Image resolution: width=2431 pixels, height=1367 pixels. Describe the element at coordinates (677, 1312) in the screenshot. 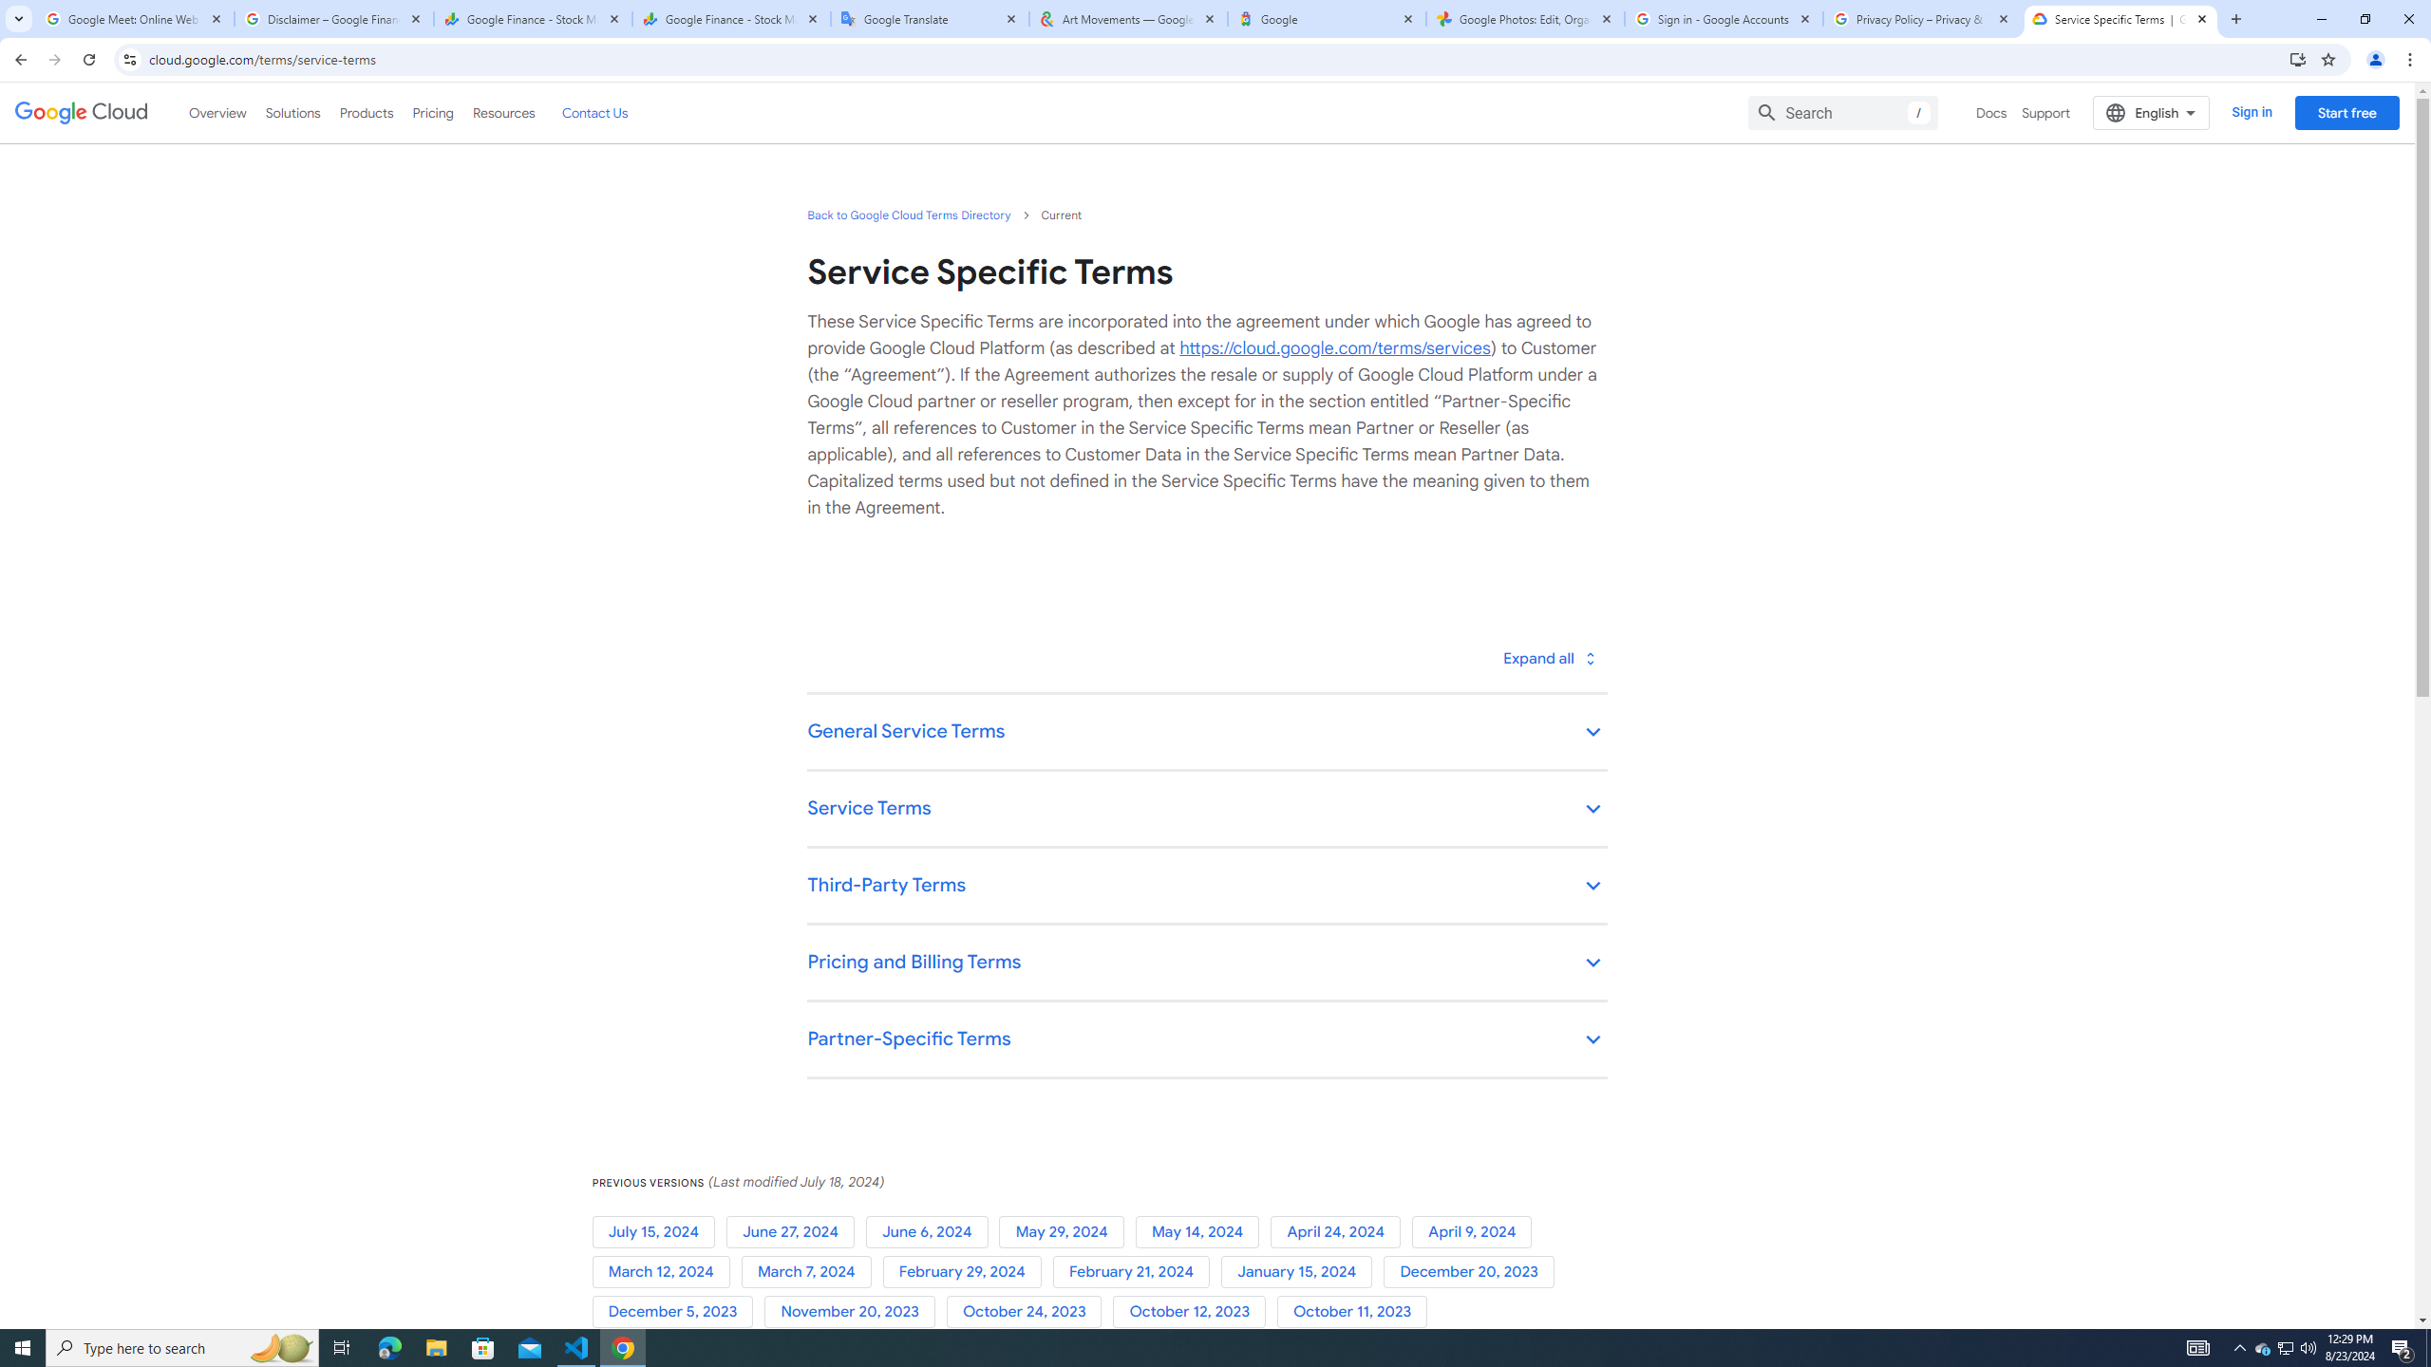

I see `'December 5, 2023'` at that location.